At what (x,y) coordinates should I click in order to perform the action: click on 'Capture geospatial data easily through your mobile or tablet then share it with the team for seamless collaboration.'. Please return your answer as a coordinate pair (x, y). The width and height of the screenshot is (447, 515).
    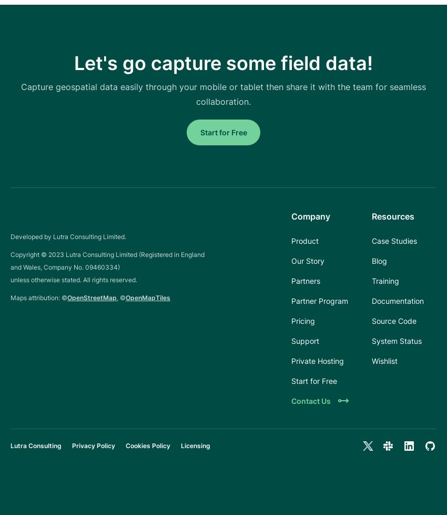
    Looking at the image, I should click on (223, 93).